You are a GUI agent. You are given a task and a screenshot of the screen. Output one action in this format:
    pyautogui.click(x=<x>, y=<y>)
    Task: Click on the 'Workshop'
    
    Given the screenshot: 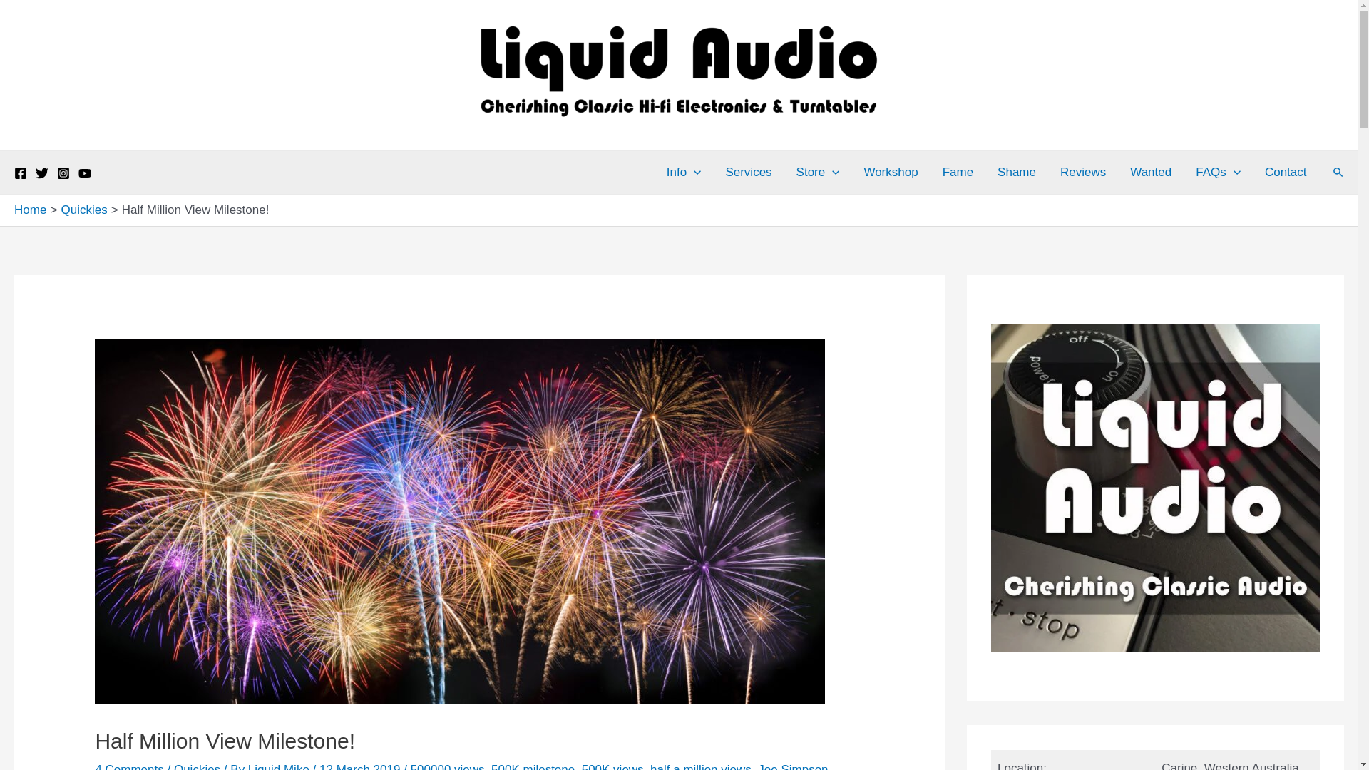 What is the action you would take?
    pyautogui.click(x=889, y=172)
    